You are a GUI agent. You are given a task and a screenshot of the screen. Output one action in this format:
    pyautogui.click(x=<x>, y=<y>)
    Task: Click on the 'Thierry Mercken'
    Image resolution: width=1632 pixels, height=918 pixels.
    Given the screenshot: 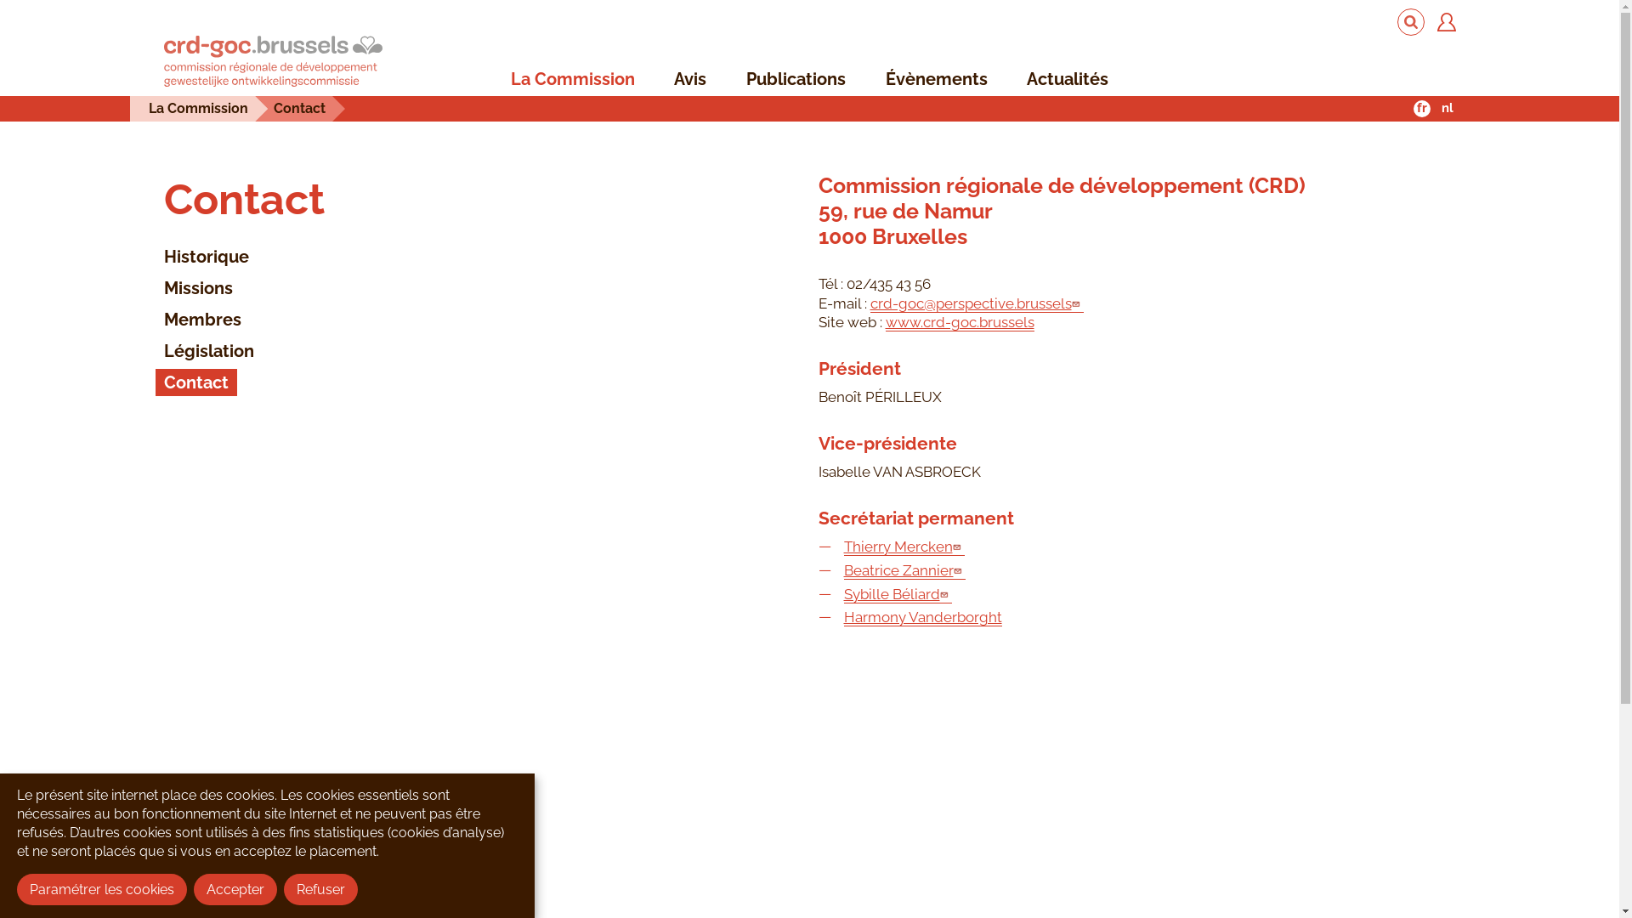 What is the action you would take?
    pyautogui.click(x=902, y=547)
    